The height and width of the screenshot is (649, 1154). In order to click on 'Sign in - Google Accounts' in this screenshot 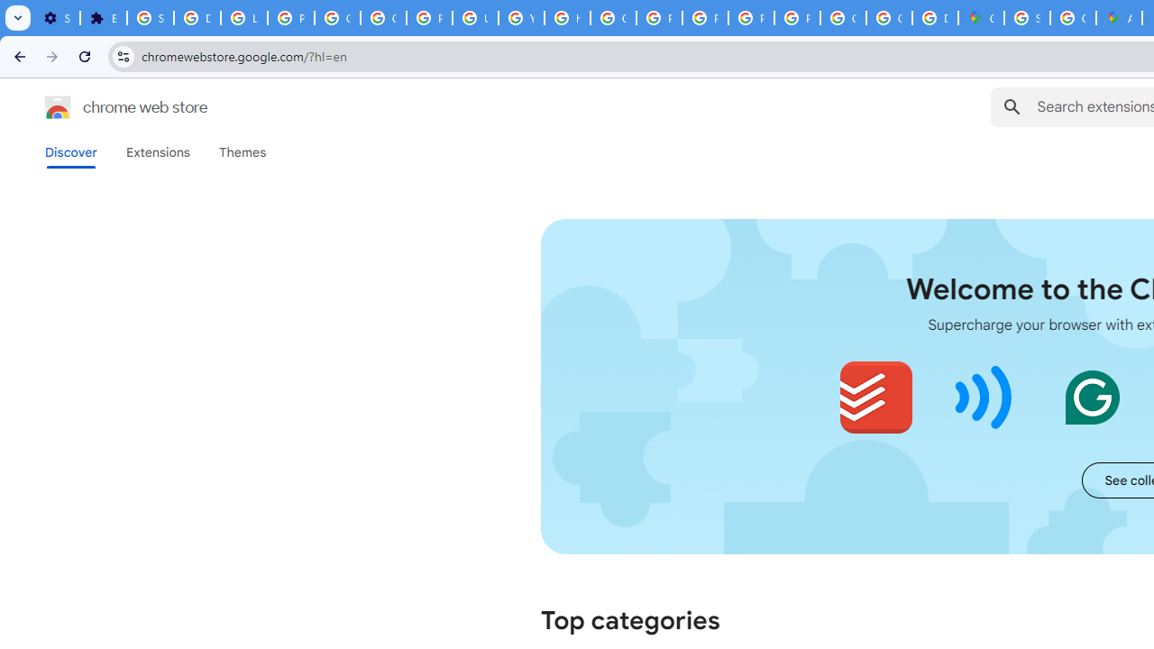, I will do `click(1027, 18)`.